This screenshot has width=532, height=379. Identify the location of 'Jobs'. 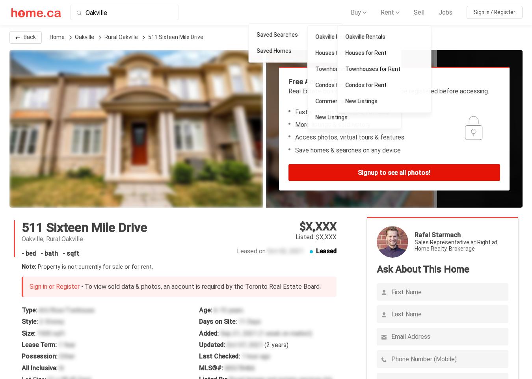
(445, 11).